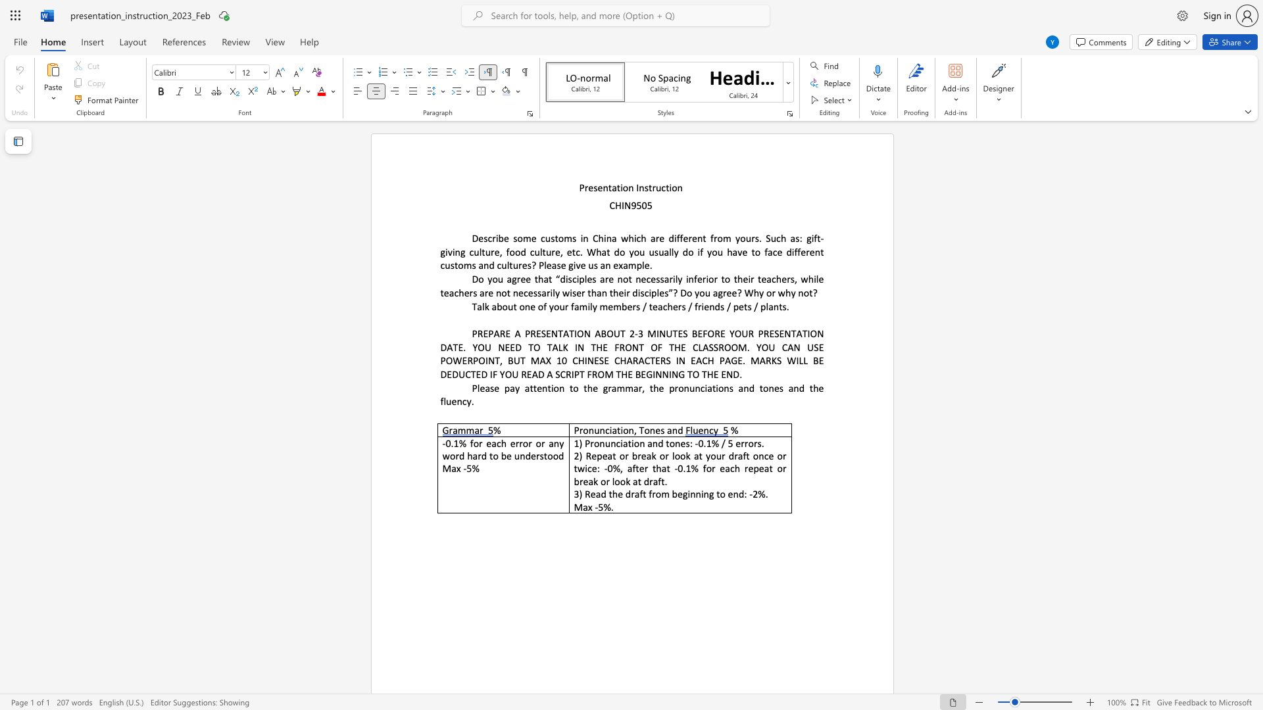 The image size is (1263, 710). I want to click on the subset text "ati" within the text "Pronunciation,", so click(611, 430).